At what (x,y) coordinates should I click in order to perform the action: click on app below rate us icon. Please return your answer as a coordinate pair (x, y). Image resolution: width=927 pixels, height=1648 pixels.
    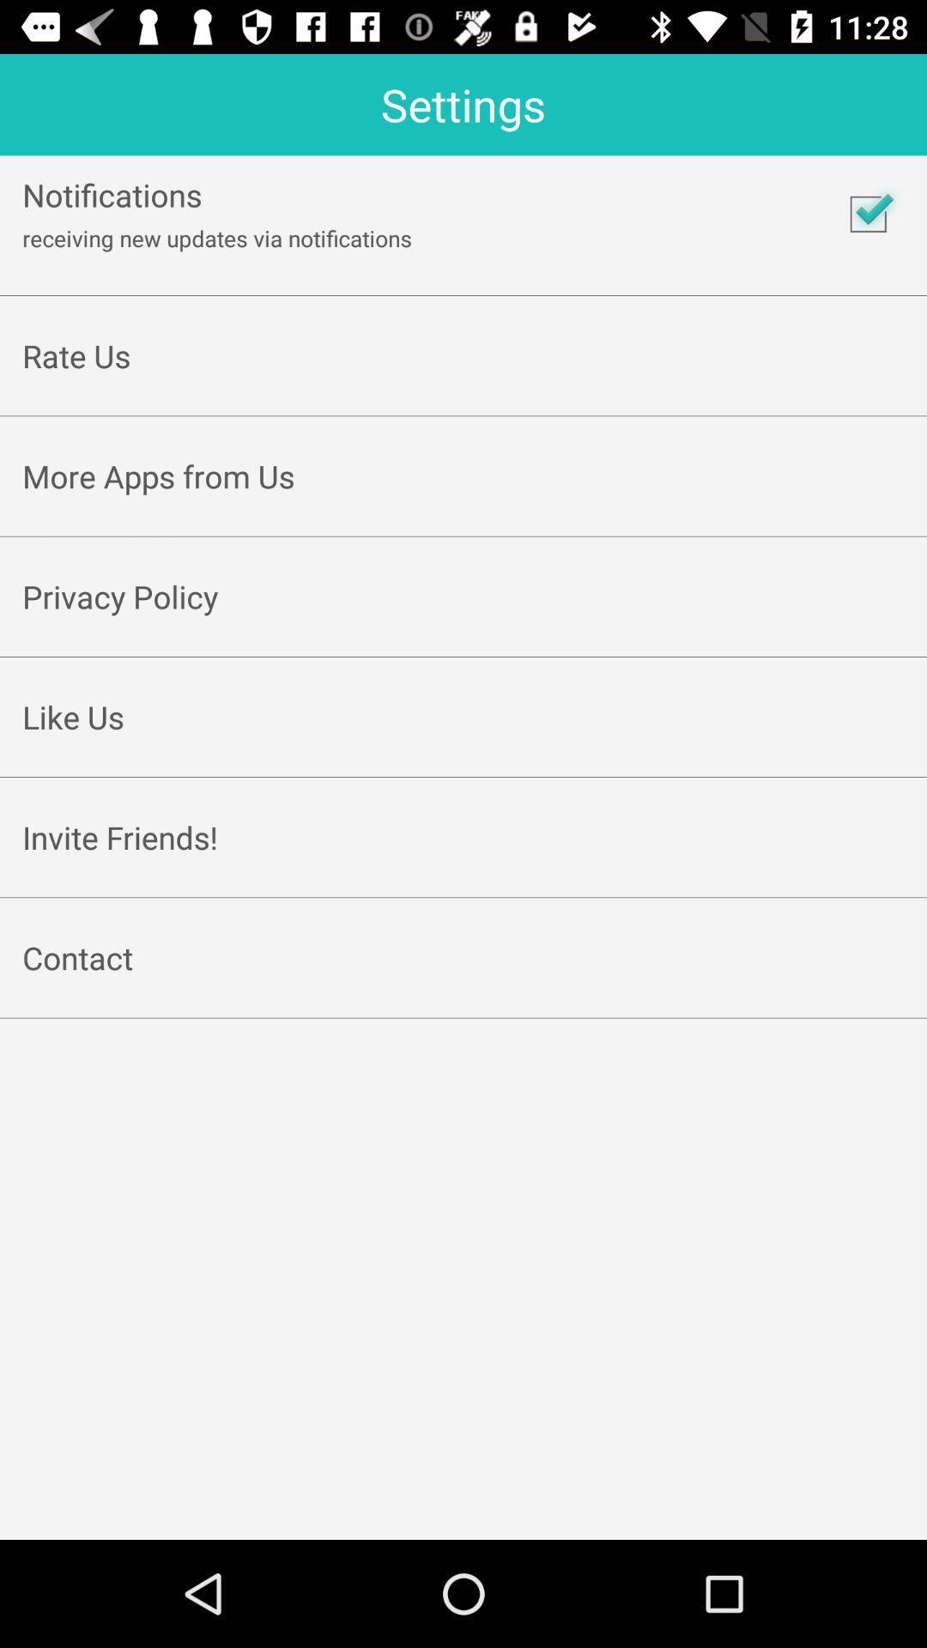
    Looking at the image, I should click on (463, 395).